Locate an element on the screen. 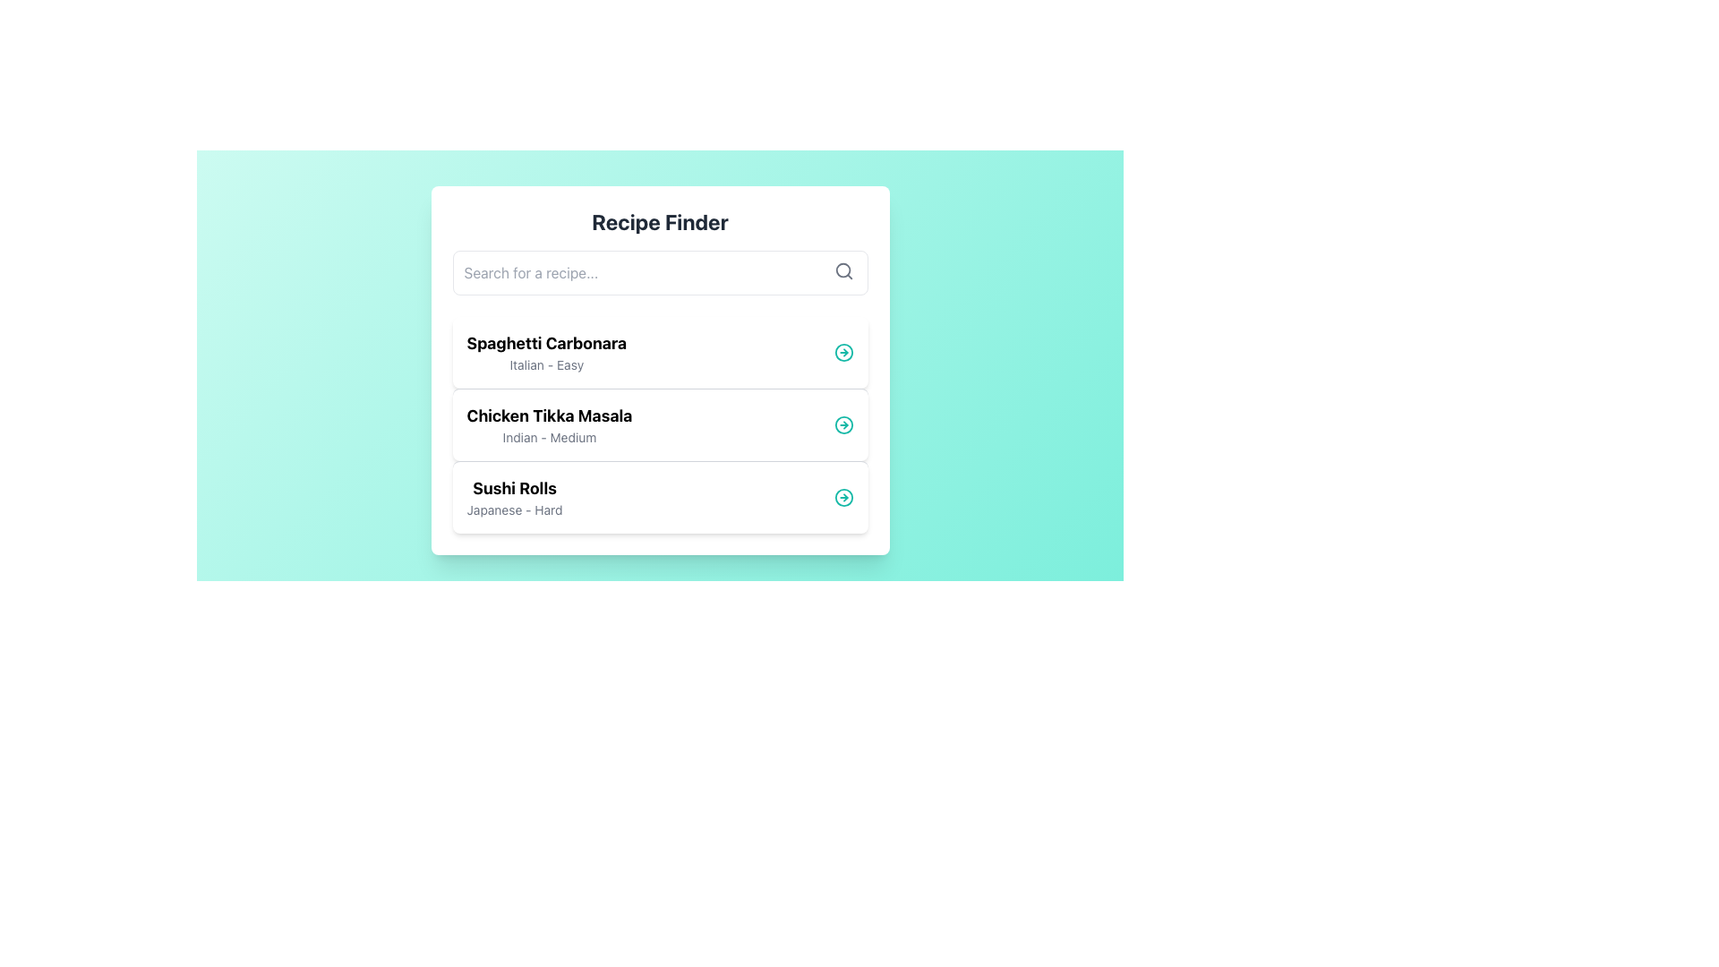  the button located at the right end of the 'Sushi Rolls - Japanese - Hard' row within the 'Recipe Finder' card interface to possibly reveal more details is located at coordinates (842, 497).